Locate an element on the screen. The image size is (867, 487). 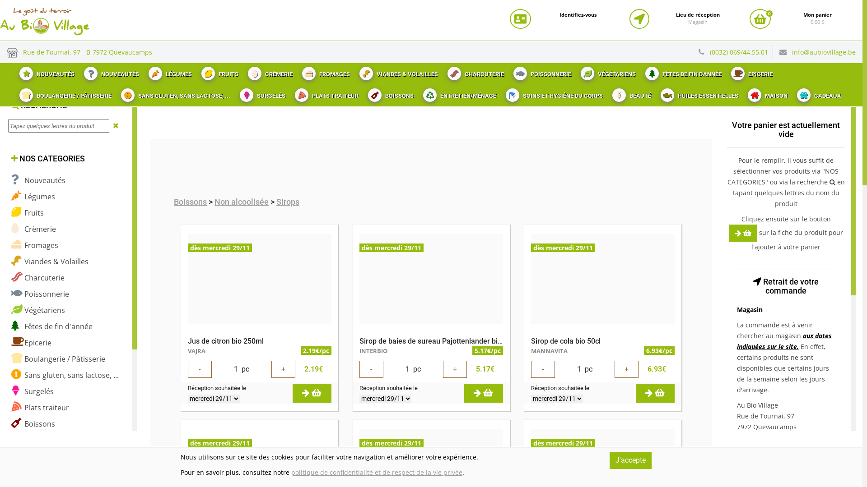
'EPICERIE' is located at coordinates (750, 71).